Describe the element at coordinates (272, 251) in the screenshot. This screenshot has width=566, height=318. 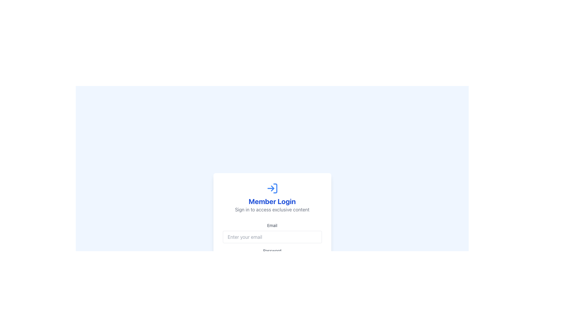
I see `the 'Password' label, which is a small gray text element located above the password input field in the form layout` at that location.